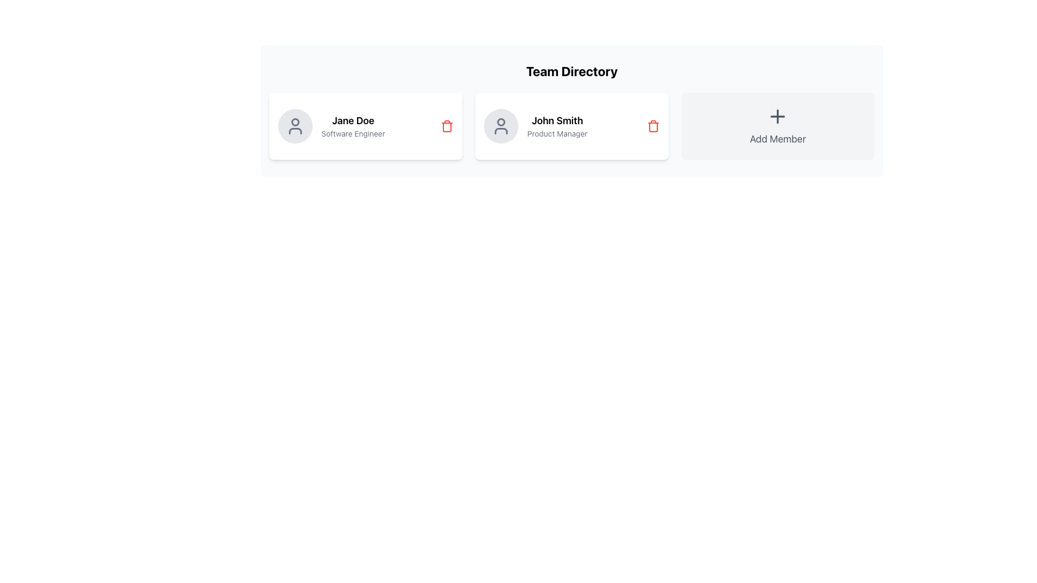 The image size is (1037, 583). What do you see at coordinates (501, 121) in the screenshot?
I see `the circular vector graphic element representing the head of the user icon for 'John Smith, Product Manager' in the 'Team Directory' section` at bounding box center [501, 121].